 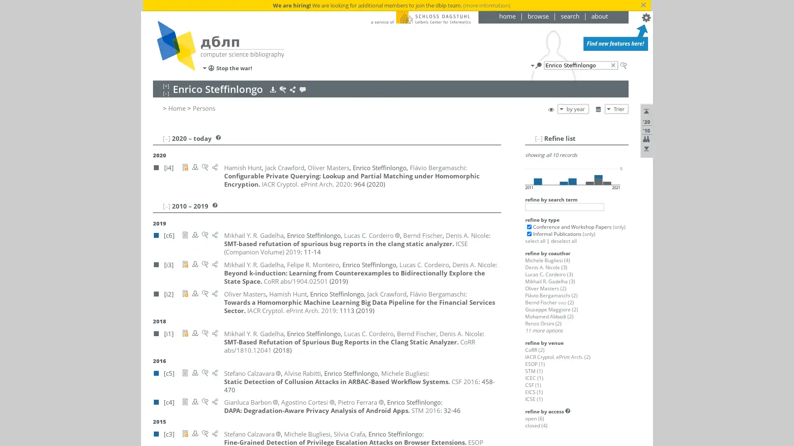 I want to click on open (6), so click(x=534, y=418).